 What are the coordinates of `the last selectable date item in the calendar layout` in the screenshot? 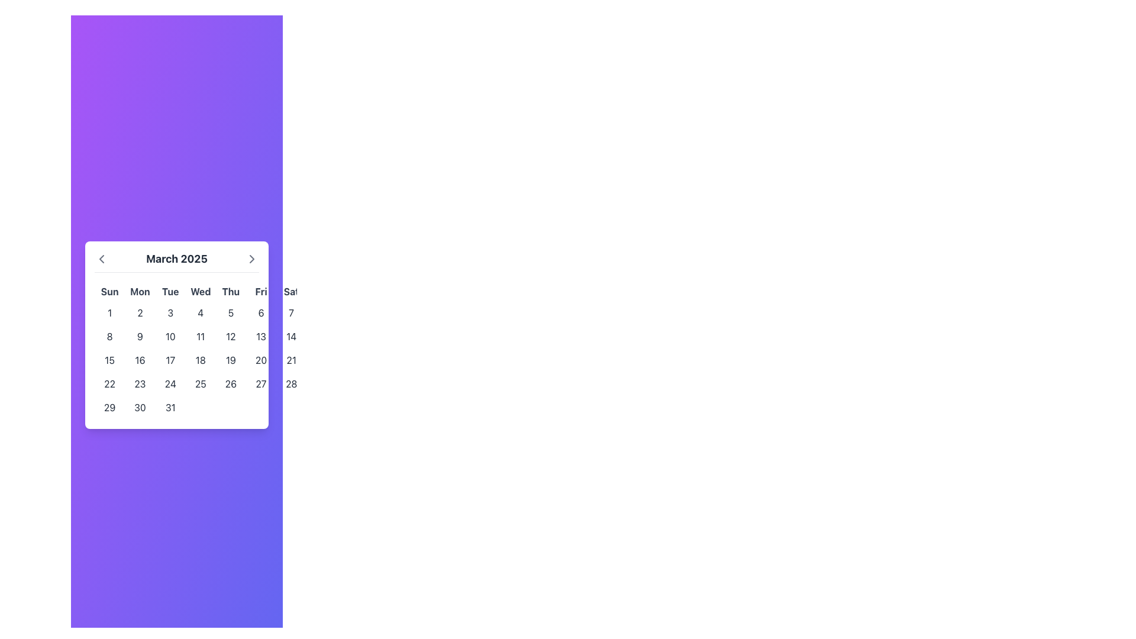 It's located at (291, 336).